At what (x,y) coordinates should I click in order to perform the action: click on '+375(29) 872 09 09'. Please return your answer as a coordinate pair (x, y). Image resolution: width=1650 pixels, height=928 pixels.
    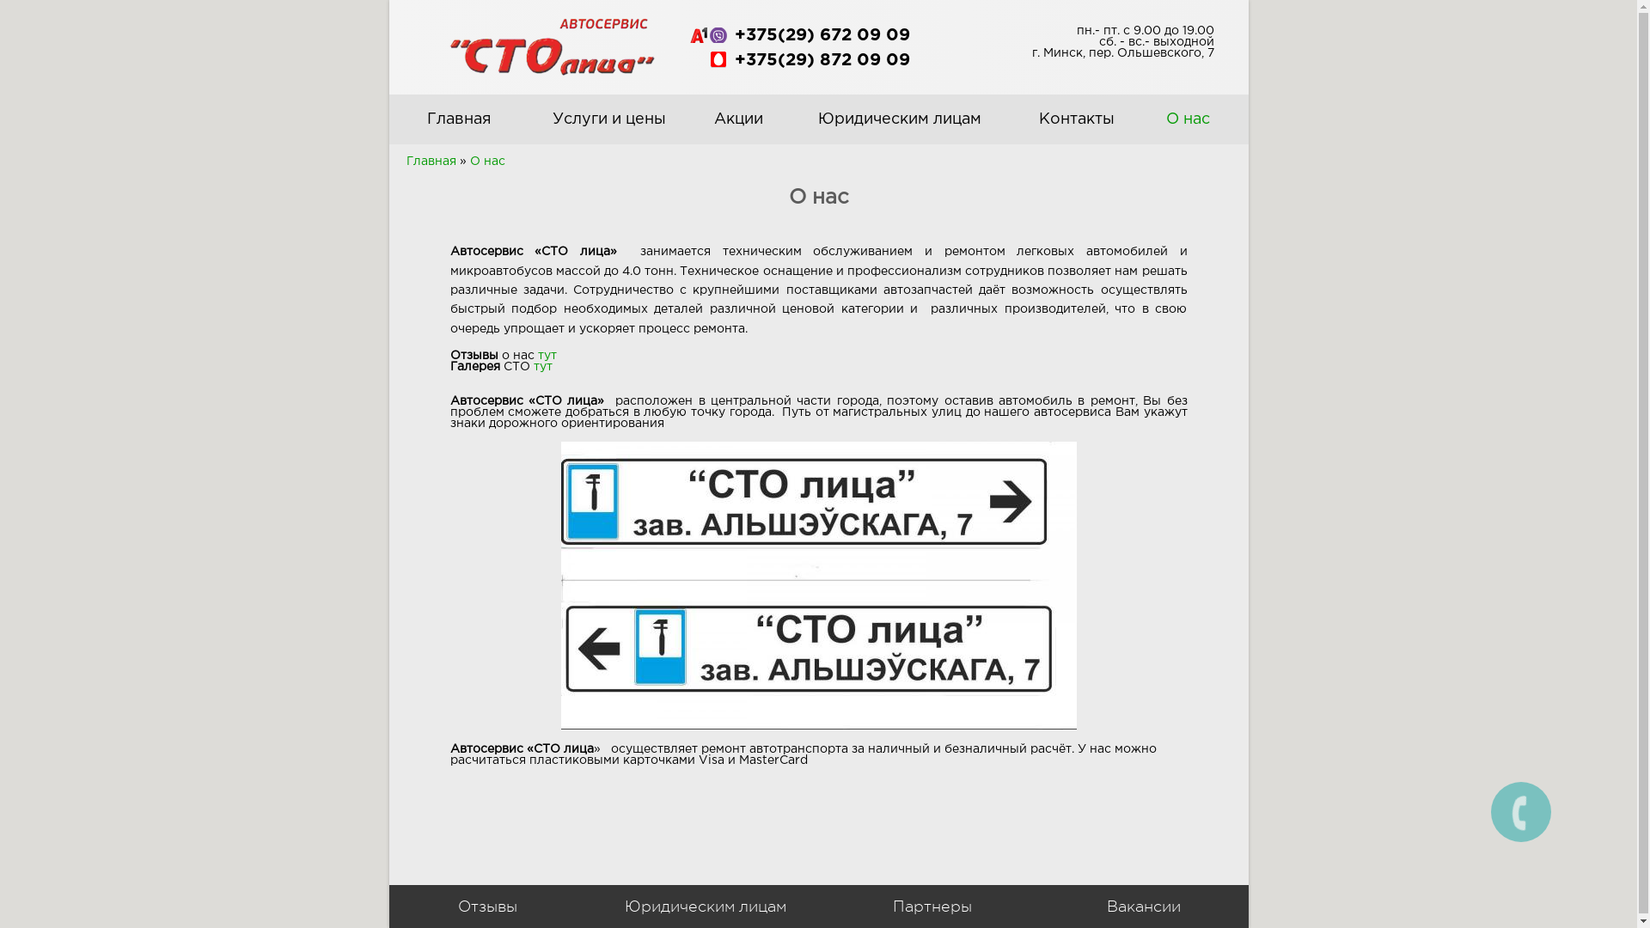
    Looking at the image, I should click on (820, 58).